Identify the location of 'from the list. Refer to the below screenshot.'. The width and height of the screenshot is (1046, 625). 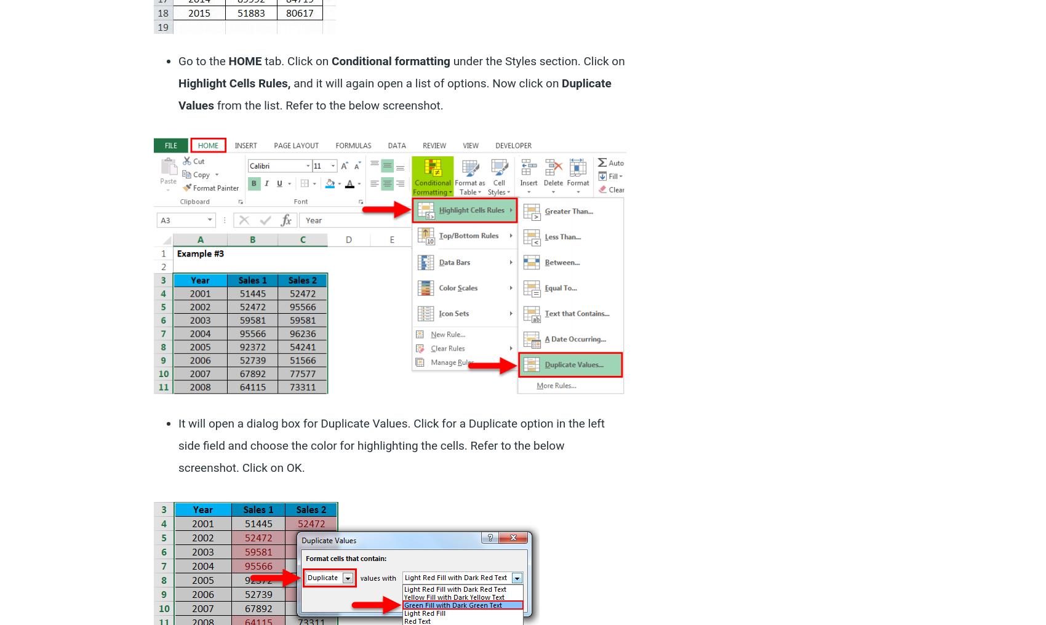
(327, 104).